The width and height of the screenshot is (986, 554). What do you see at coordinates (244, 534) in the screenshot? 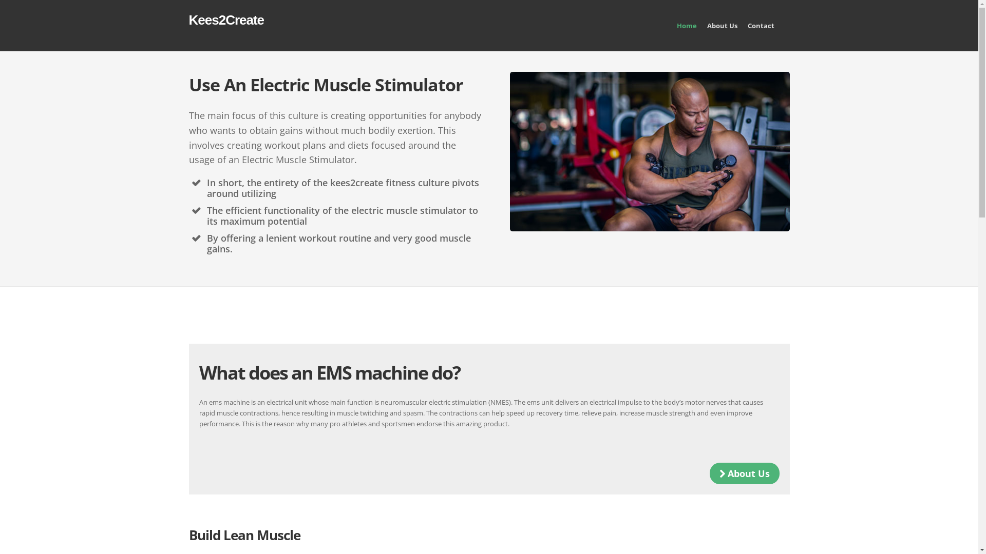
I see `'Build Lean Muscle'` at bounding box center [244, 534].